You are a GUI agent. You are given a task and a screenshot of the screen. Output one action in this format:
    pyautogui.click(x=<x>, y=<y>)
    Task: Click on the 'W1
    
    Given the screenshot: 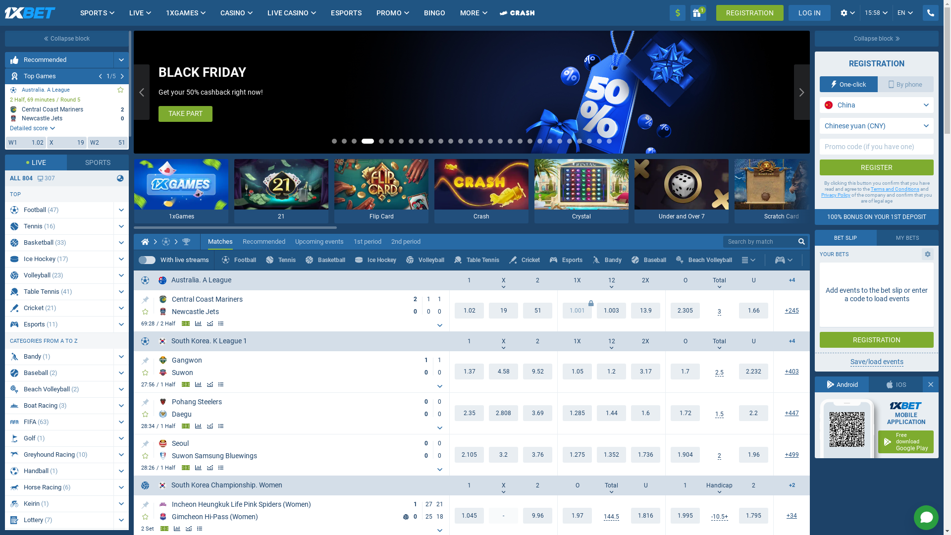 What is the action you would take?
    pyautogui.click(x=26, y=143)
    